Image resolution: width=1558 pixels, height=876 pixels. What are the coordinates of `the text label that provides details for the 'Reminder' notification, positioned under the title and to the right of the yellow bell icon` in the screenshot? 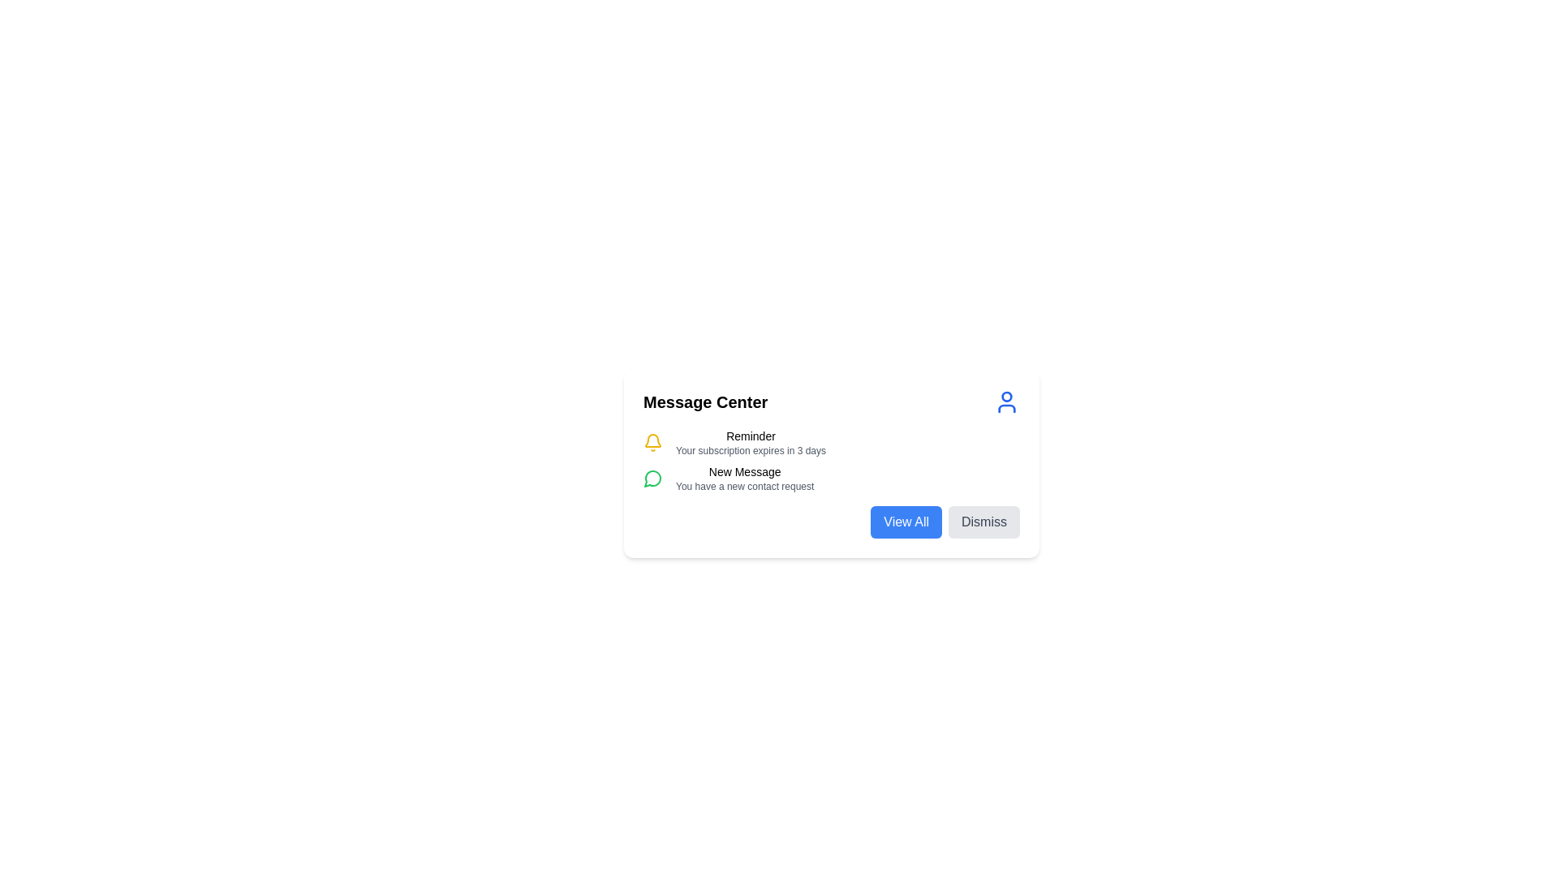 It's located at (750, 450).